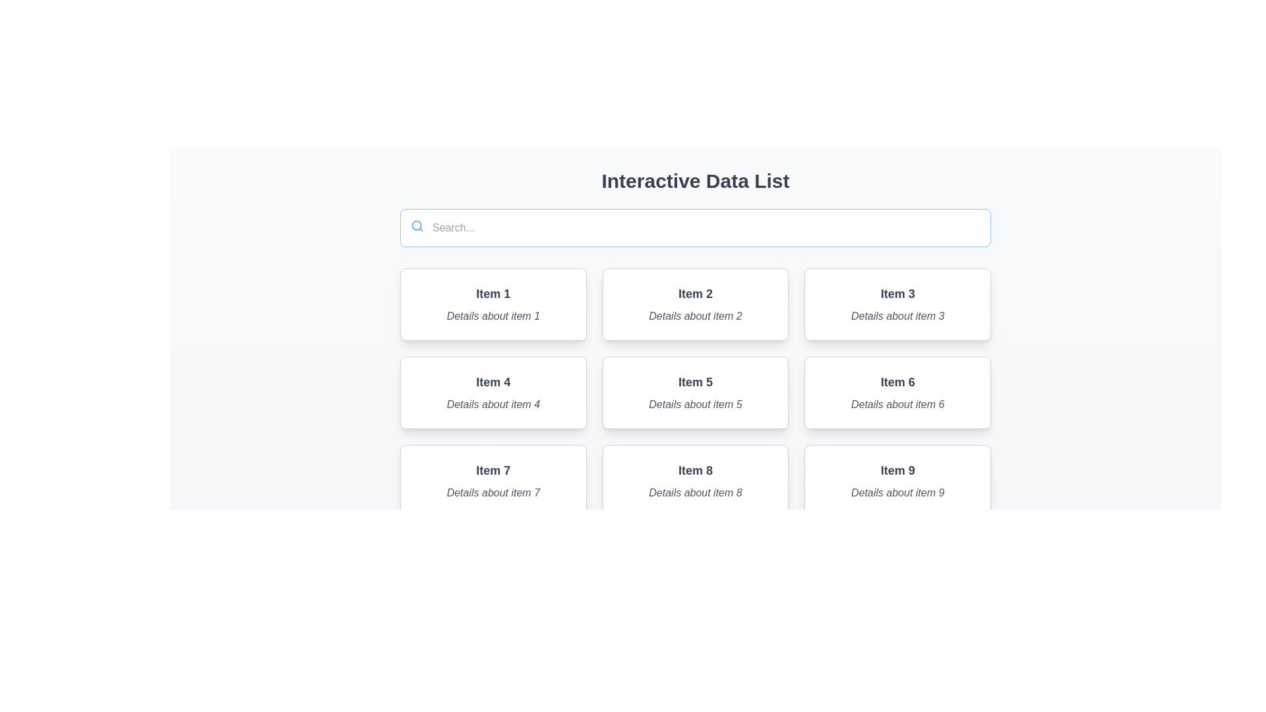  I want to click on the Textual Card representing 'Item 3', which is located in the top-right corner of a three-column grid layout, so click(897, 305).